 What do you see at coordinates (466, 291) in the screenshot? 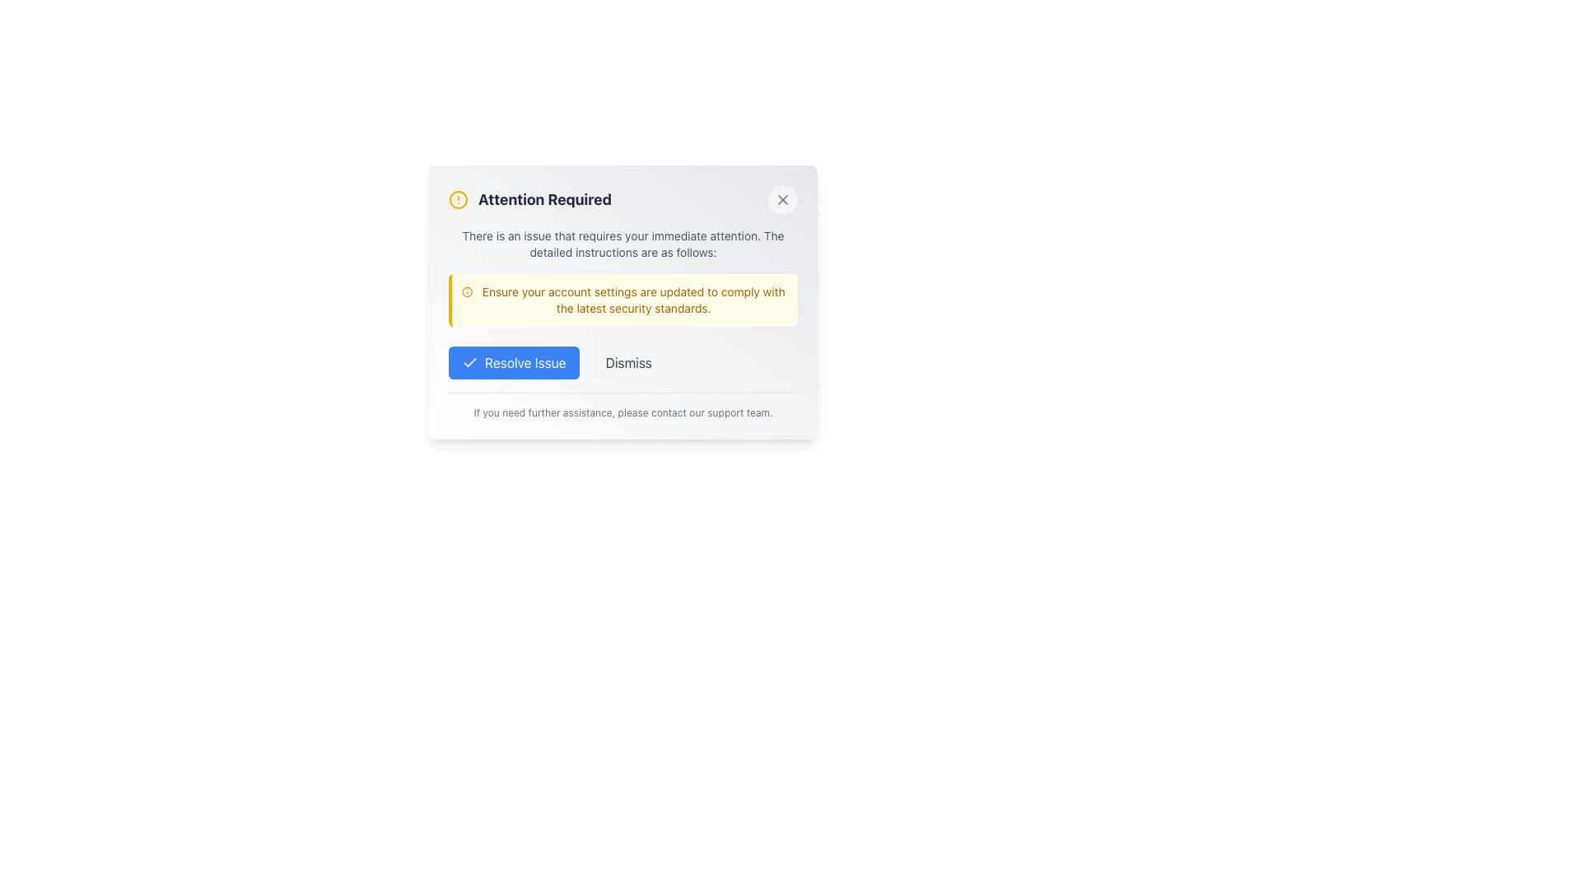
I see `the outermost circle element of the icon located to the left of the 'Attention Required' heading within the alert box` at bounding box center [466, 291].